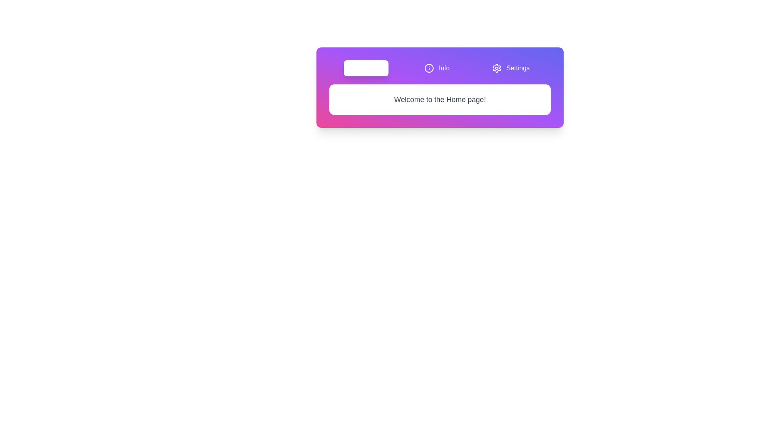 The width and height of the screenshot is (773, 434). Describe the element at coordinates (436, 68) in the screenshot. I see `the tab labeled Info` at that location.